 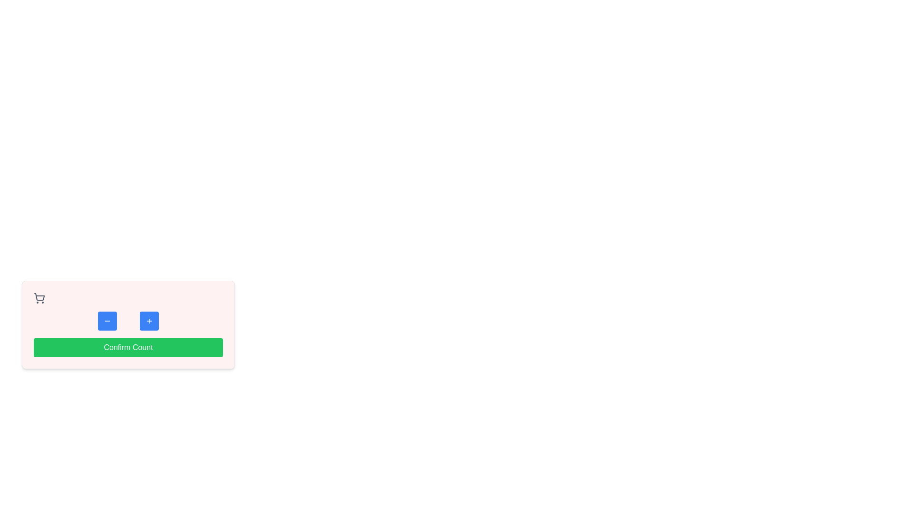 What do you see at coordinates (107, 321) in the screenshot?
I see `the leftmost blue square button with a minus symbol` at bounding box center [107, 321].